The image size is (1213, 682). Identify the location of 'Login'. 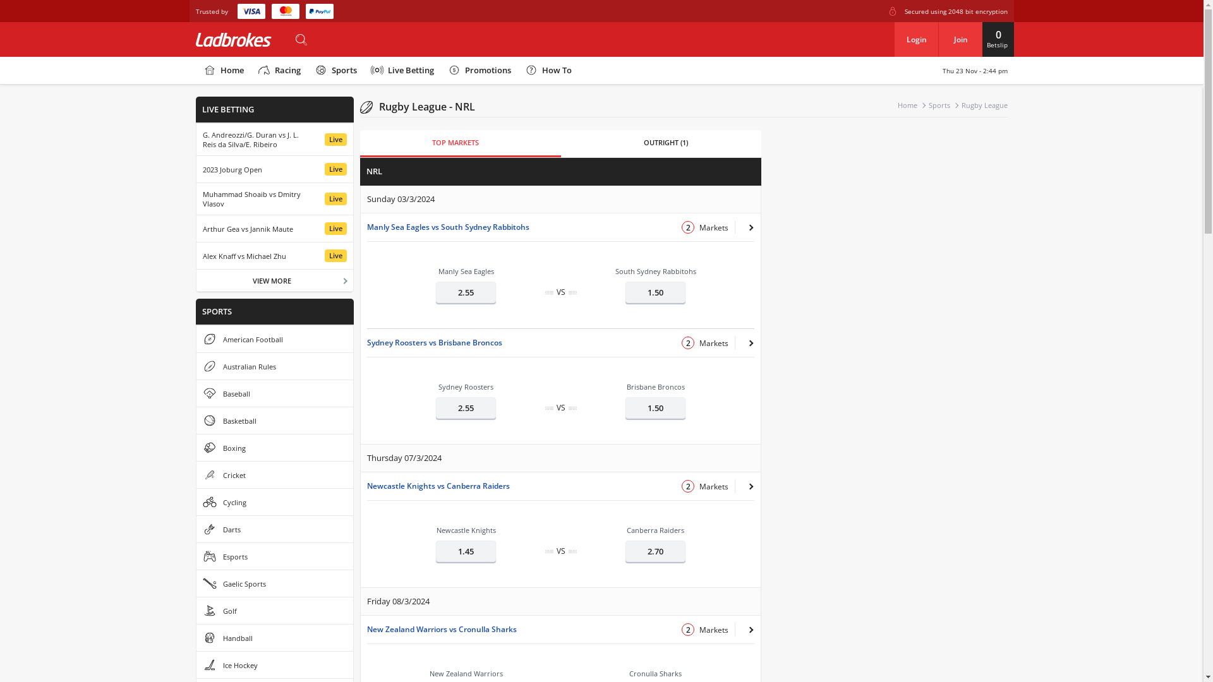
(893, 39).